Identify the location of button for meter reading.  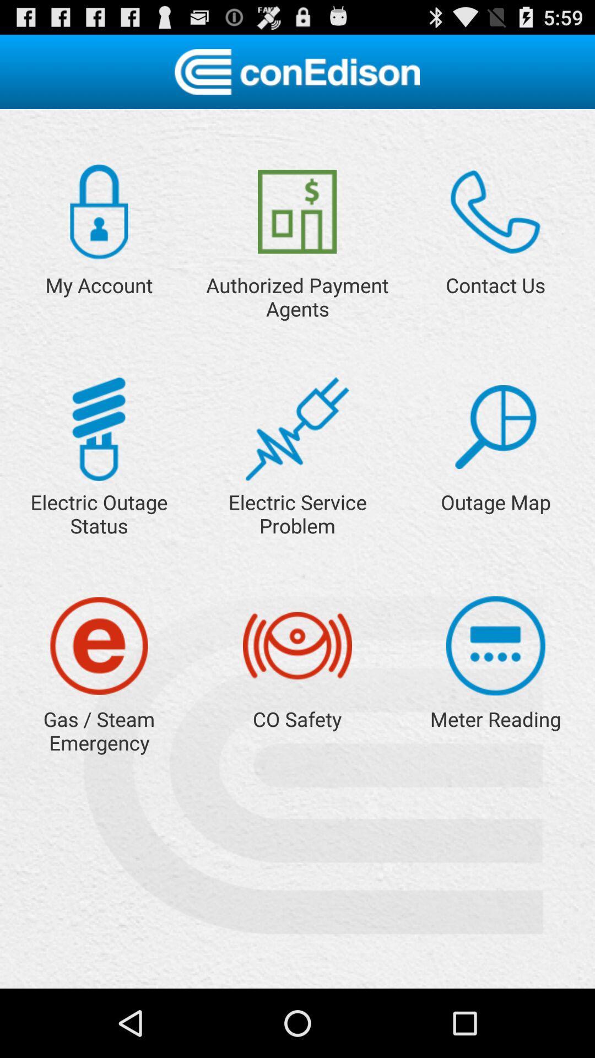
(495, 646).